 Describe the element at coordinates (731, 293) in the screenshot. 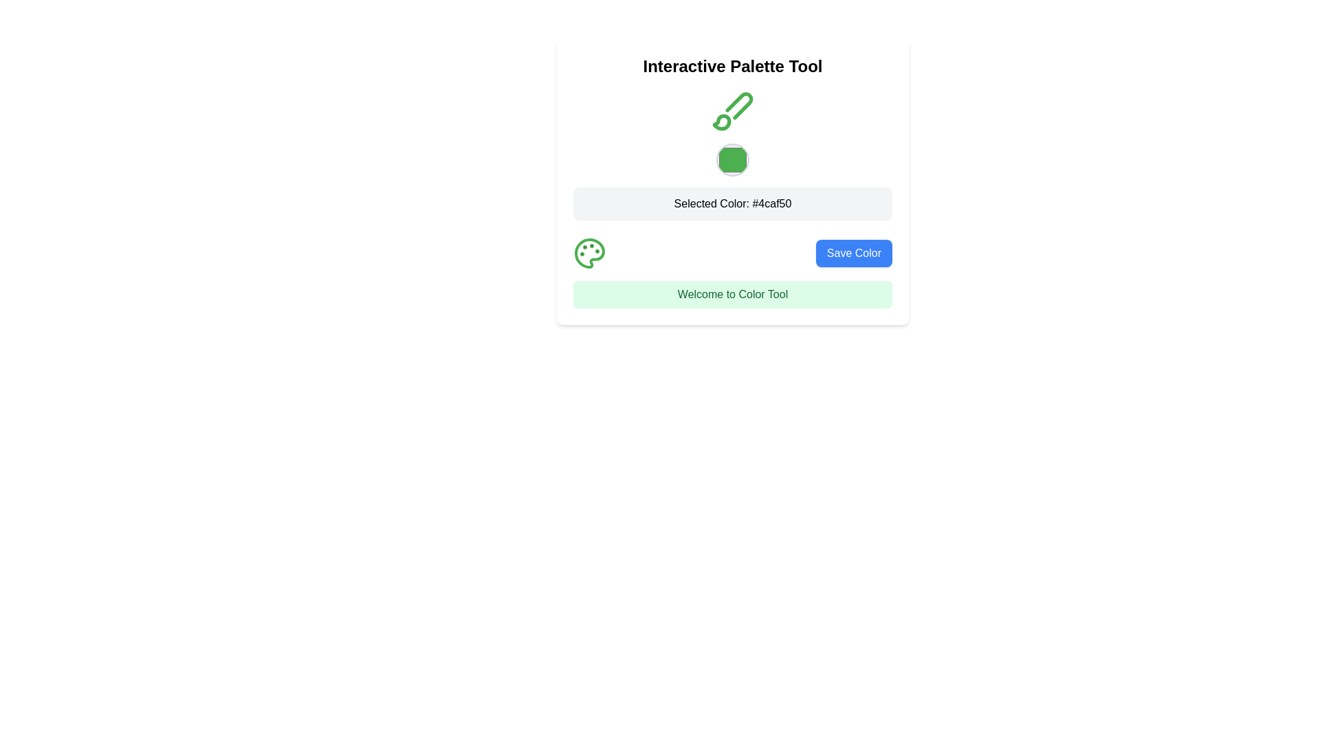

I see `the informational text box with a light green background that reads 'Welcome to Color Tool' to read the text` at that location.